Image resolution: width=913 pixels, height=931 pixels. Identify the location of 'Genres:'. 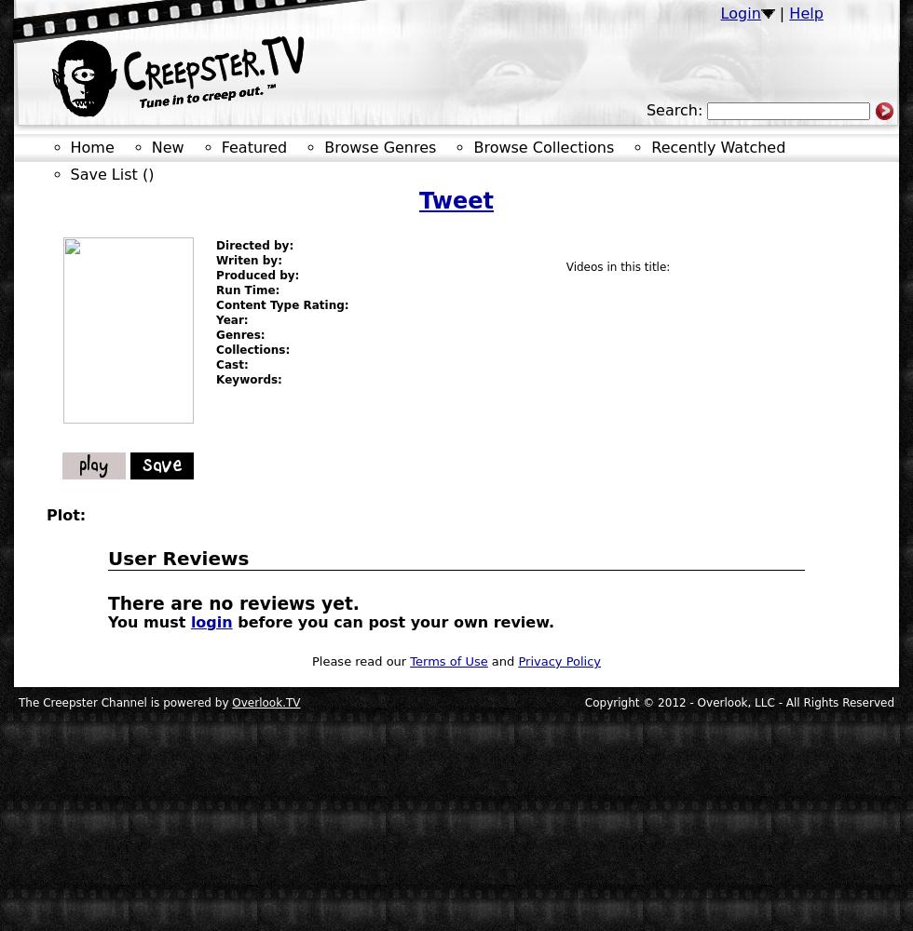
(240, 334).